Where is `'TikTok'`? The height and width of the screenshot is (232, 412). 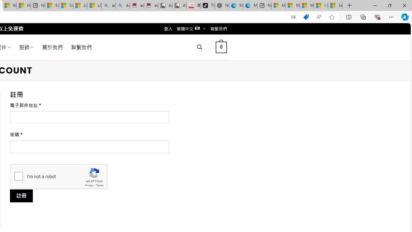 'TikTok' is located at coordinates (208, 5).